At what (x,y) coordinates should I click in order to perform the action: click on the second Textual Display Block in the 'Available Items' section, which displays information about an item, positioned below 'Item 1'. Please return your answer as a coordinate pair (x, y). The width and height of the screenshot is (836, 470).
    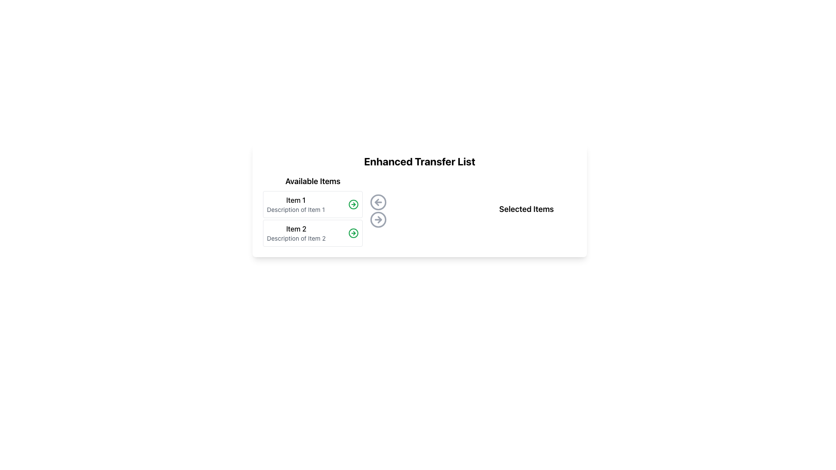
    Looking at the image, I should click on (296, 233).